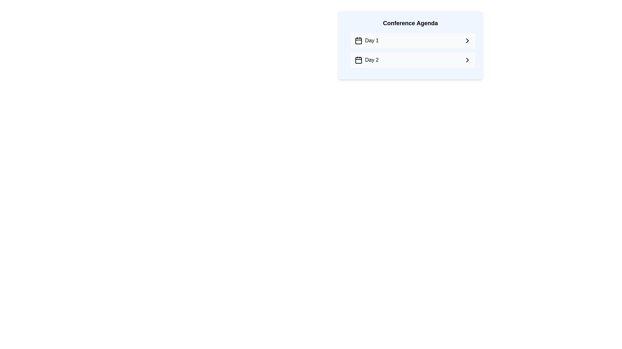  I want to click on the text label displaying 'Day 2', which is styled with a sans-serif font and is located to the right of a calendar icon in the second row of a vertical list, so click(372, 60).